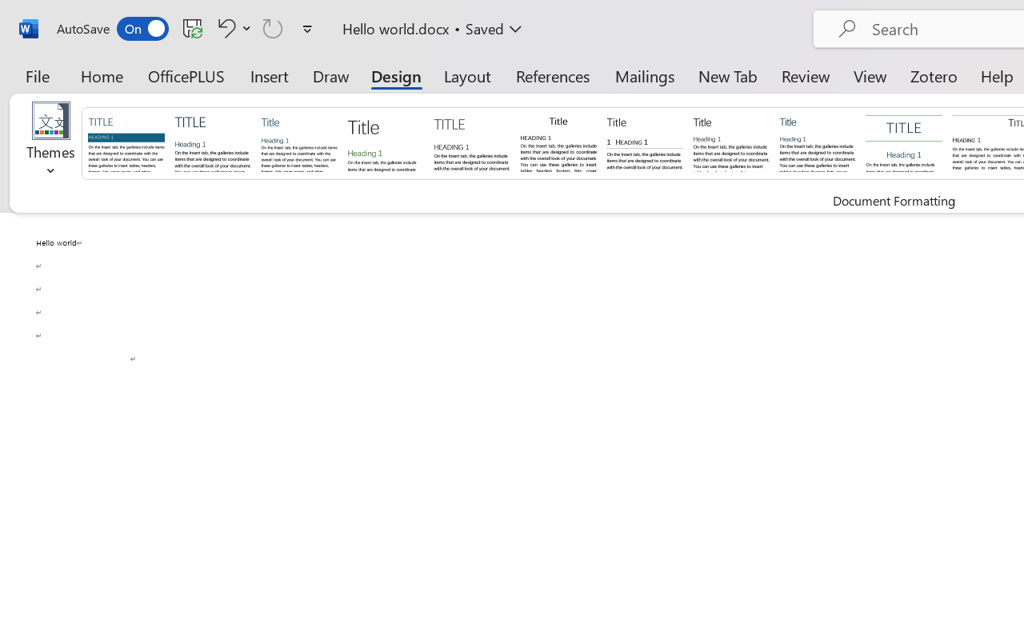 The height and width of the screenshot is (640, 1024). What do you see at coordinates (645, 142) in the screenshot?
I see `'Black & White (Numbered)'` at bounding box center [645, 142].